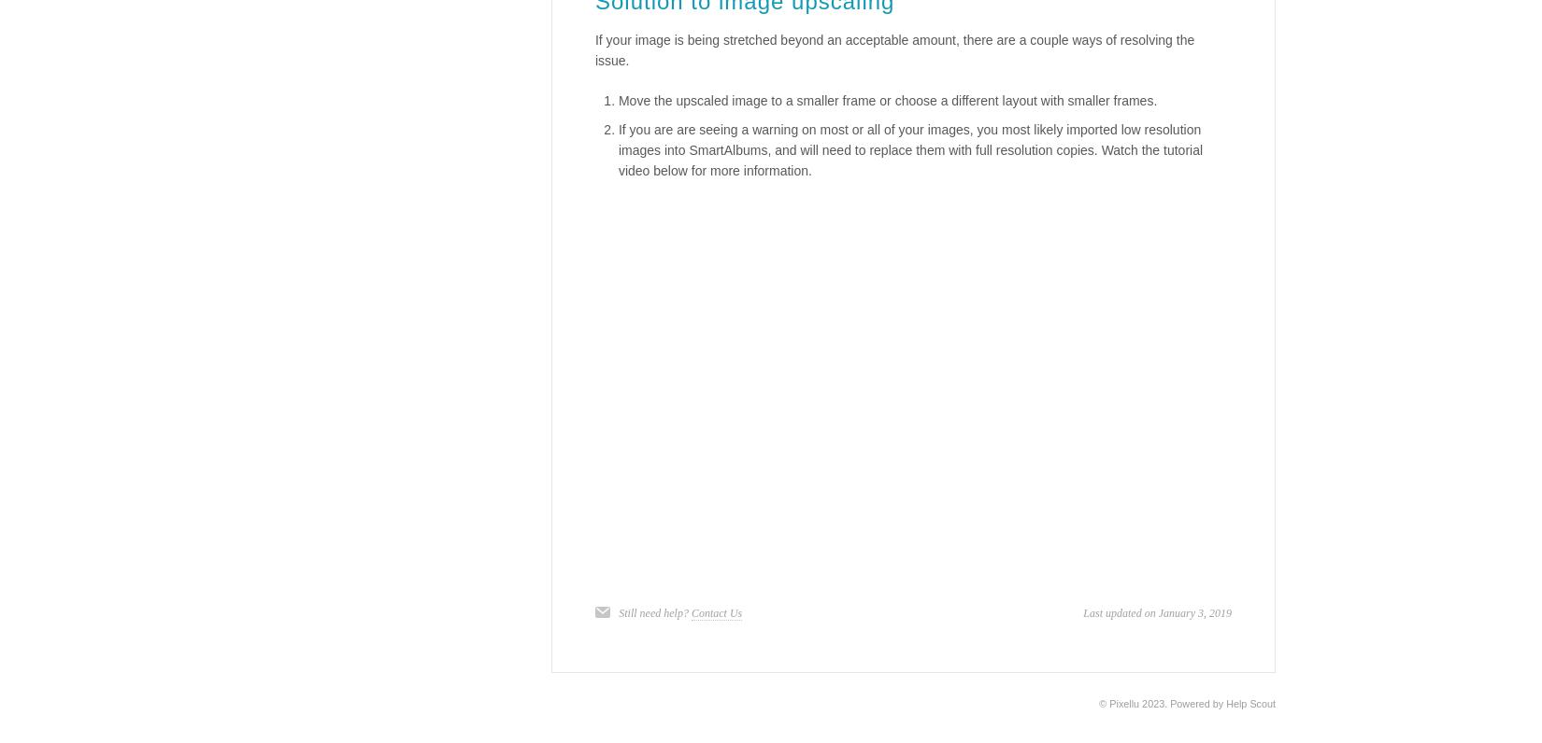 This screenshot has width=1542, height=743. Describe the element at coordinates (909, 148) in the screenshot. I see `'If you are are seeing a warning on most or all of your images, you most likely imported low resolution images into SmartAlbums, and will need to replace them with full resolution copies. Watch the tutorial video below for more information.'` at that location.